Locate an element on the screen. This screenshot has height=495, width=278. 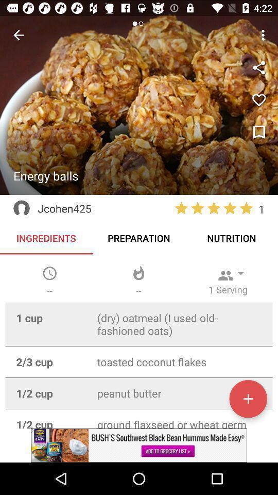
the bookmark icon is located at coordinates (258, 132).